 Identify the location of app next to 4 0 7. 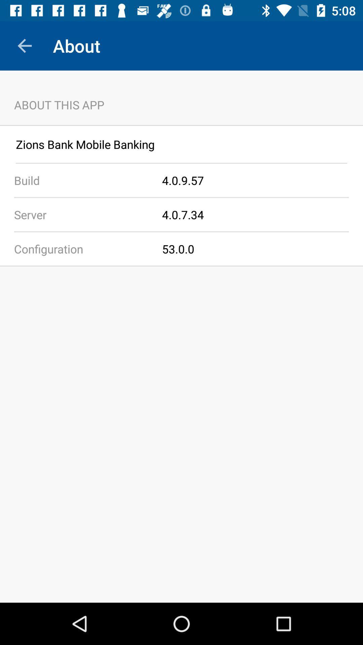
(81, 214).